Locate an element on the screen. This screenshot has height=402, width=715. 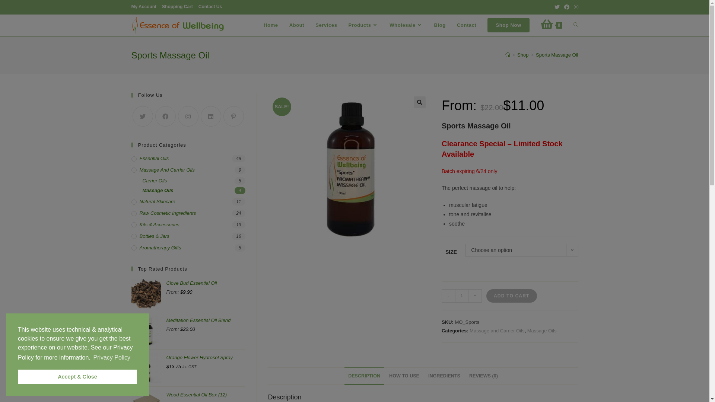
'Essential Oils' is located at coordinates (188, 158).